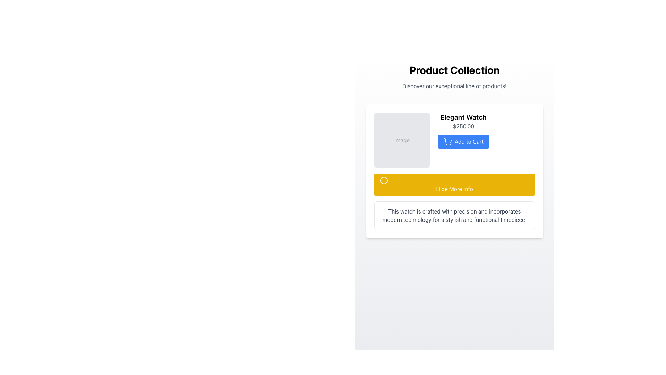 This screenshot has height=375, width=666. What do you see at coordinates (454, 85) in the screenshot?
I see `the text element reading 'Discover our exceptional line of products!' which is centrally aligned below the heading 'Product Collection'` at bounding box center [454, 85].